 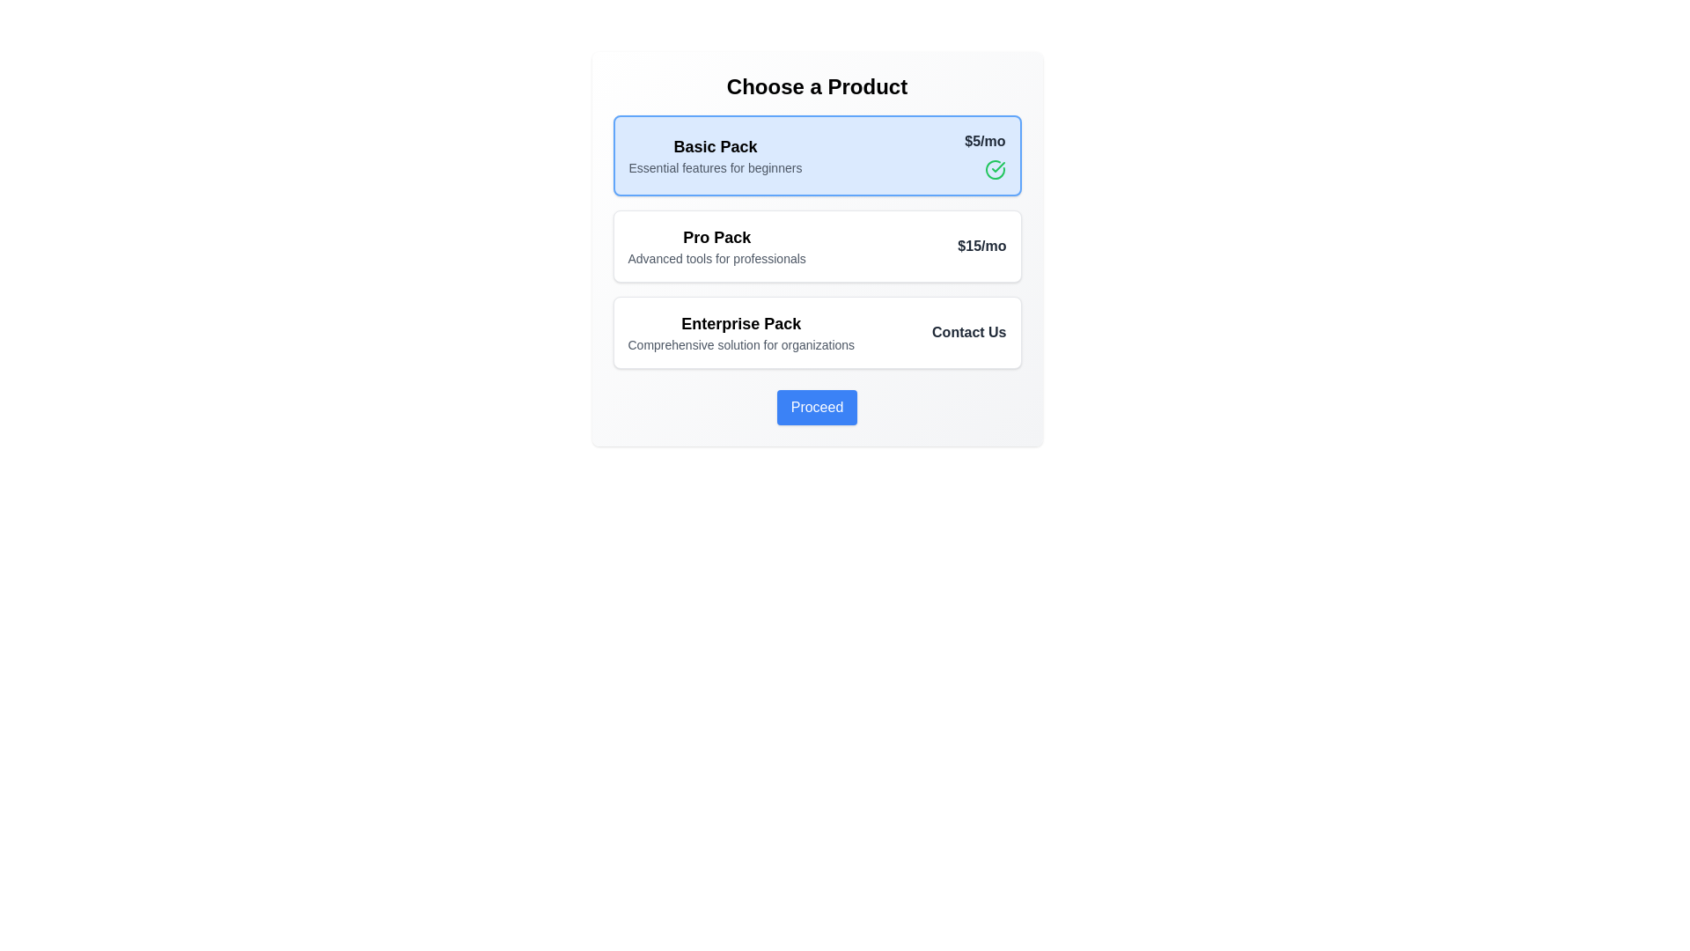 What do you see at coordinates (715, 145) in the screenshot?
I see `the 'Basic Pack' title text element` at bounding box center [715, 145].